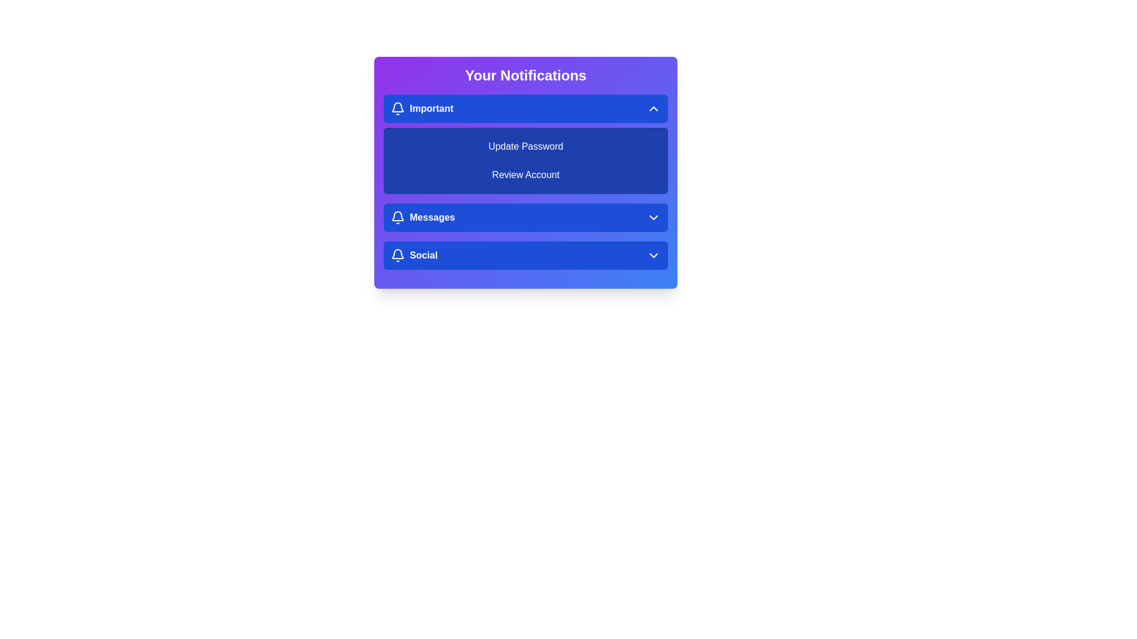 The image size is (1137, 639). What do you see at coordinates (525, 217) in the screenshot?
I see `the notification category Messages to preview its details` at bounding box center [525, 217].